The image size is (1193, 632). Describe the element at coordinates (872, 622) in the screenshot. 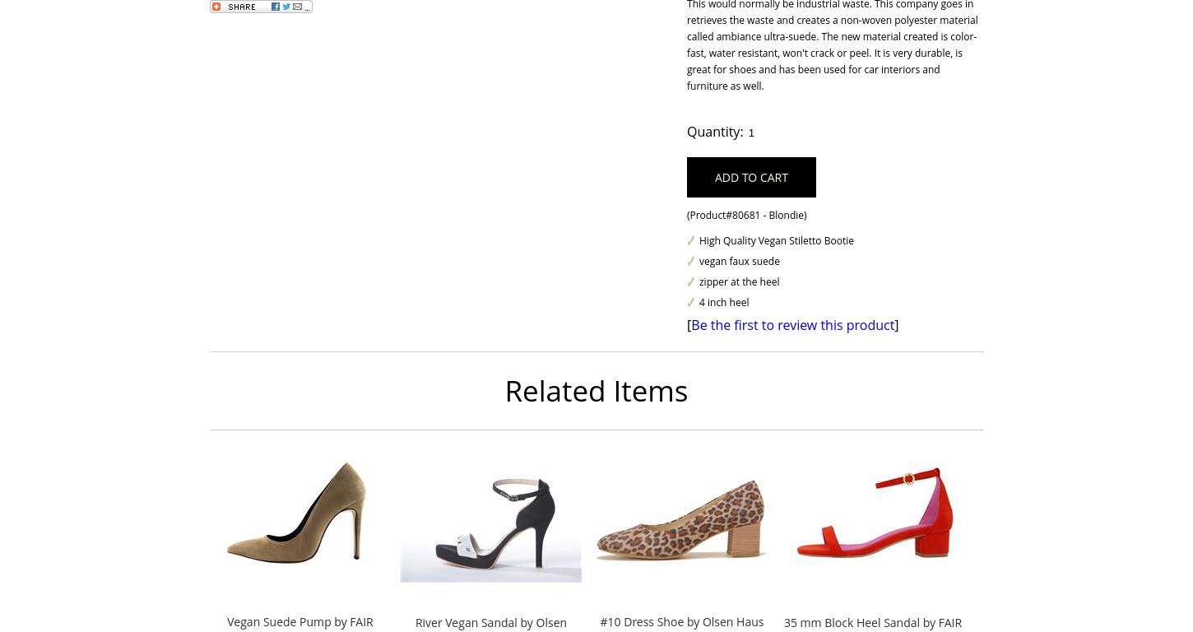

I see `'35 mm Block Heel Sandal by FAIR'` at that location.